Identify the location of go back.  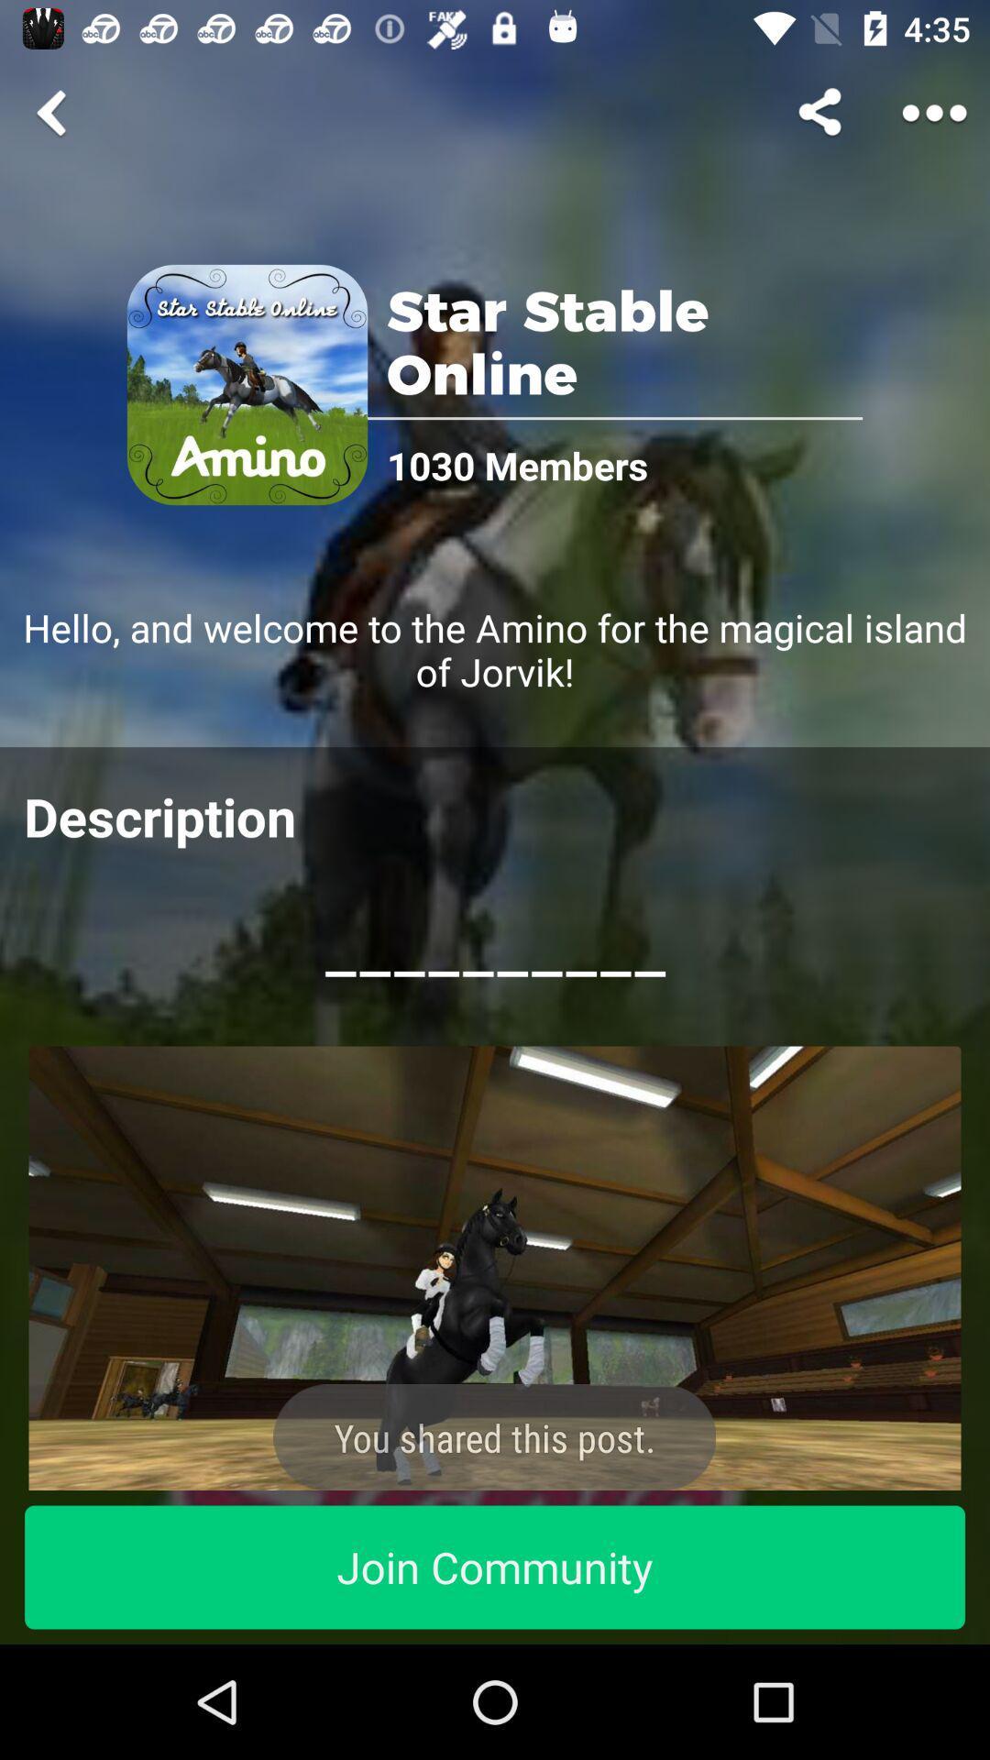
(54, 112).